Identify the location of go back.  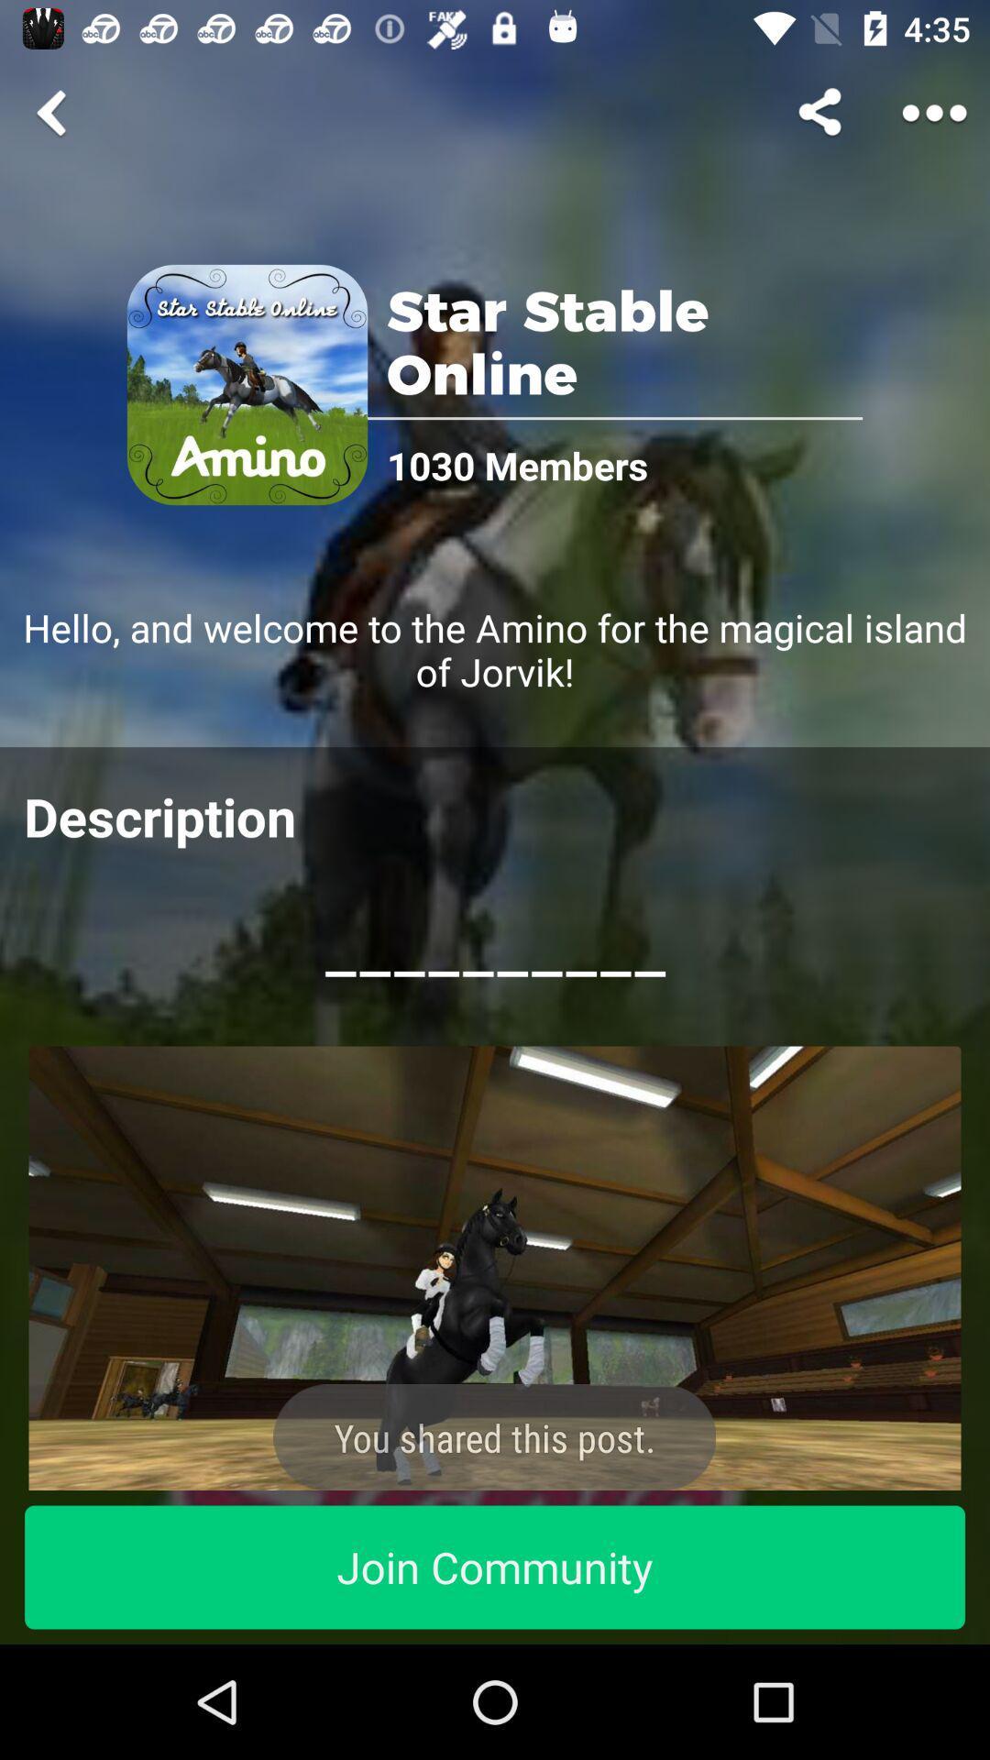
(54, 112).